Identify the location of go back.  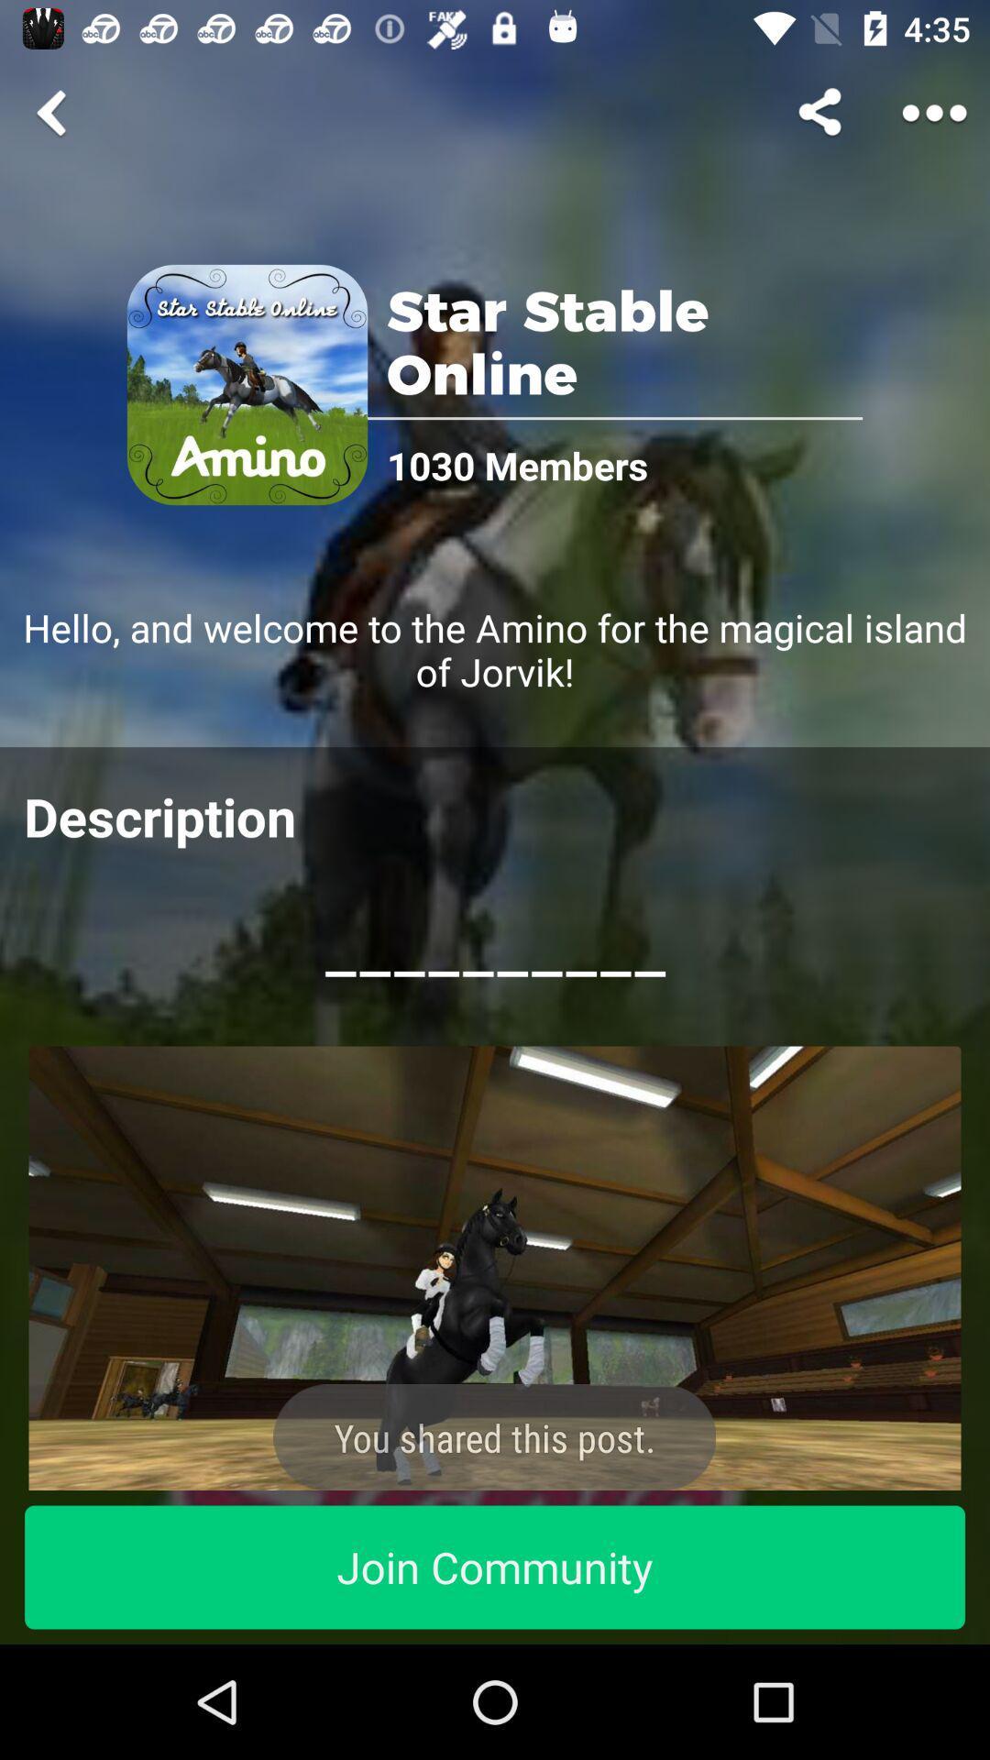
(54, 112).